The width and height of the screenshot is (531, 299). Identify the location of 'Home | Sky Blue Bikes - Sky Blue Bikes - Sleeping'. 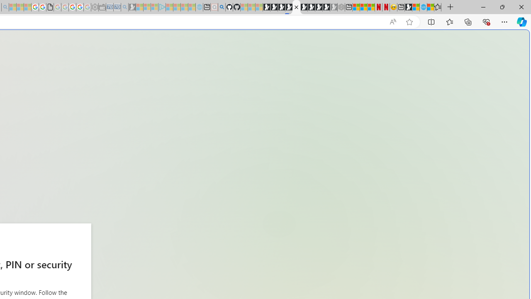
(199, 7).